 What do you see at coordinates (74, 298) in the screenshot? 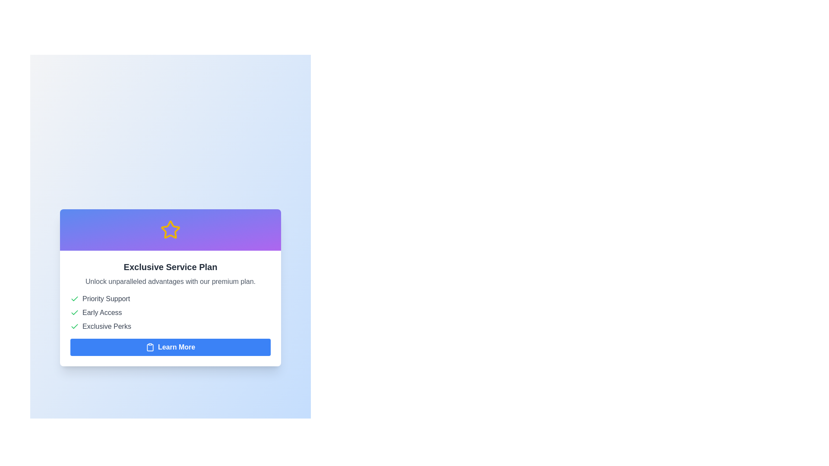
I see `the visual state of the checkmark icon indicating 'Early Access' located below 'Priority Support' in the 'Exclusive Service Plan' list` at bounding box center [74, 298].